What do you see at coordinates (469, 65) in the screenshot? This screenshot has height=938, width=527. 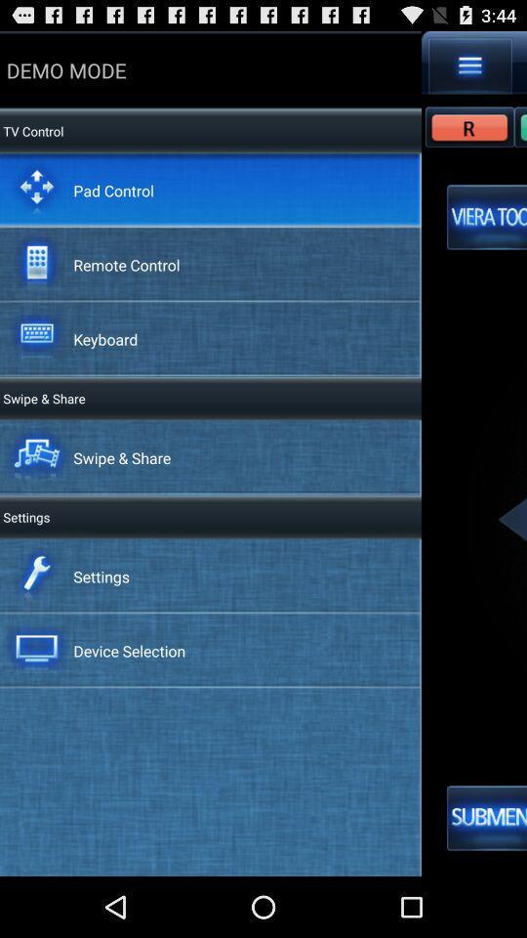 I see `more options` at bounding box center [469, 65].